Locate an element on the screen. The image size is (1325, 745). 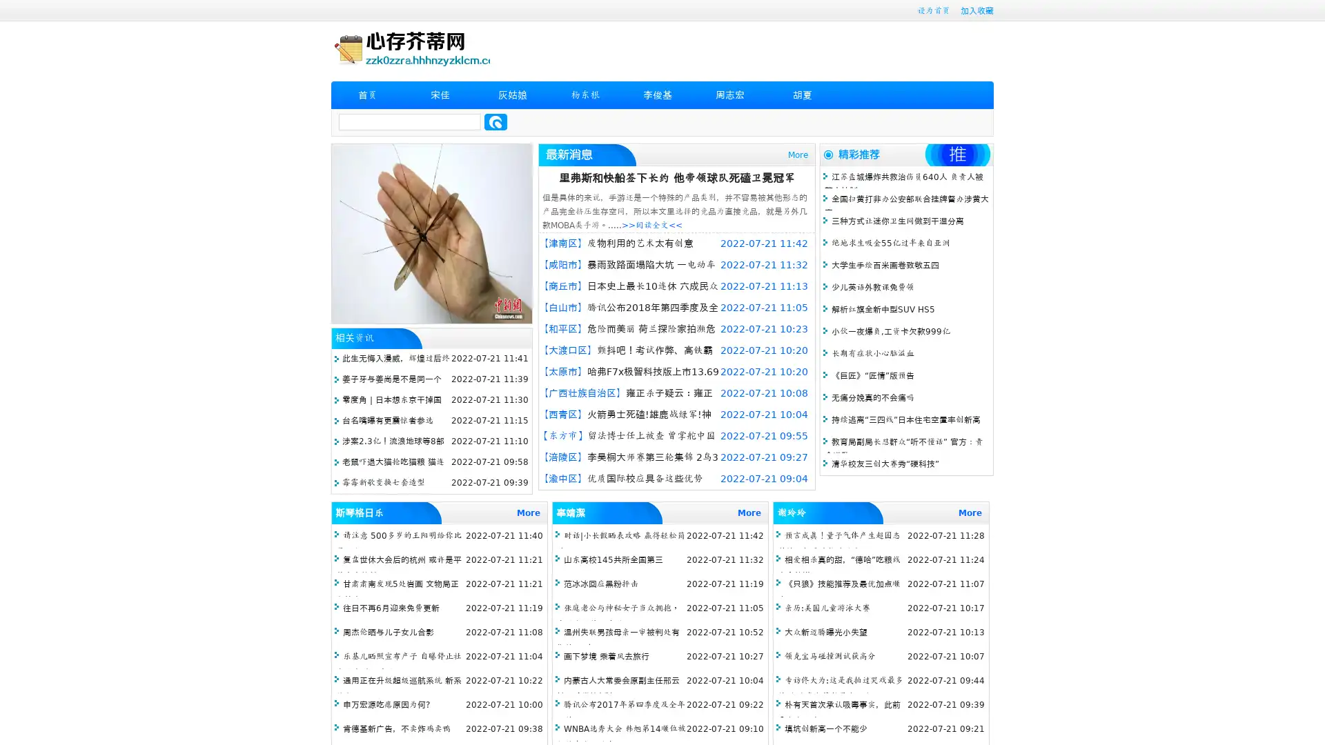
Search is located at coordinates (495, 121).